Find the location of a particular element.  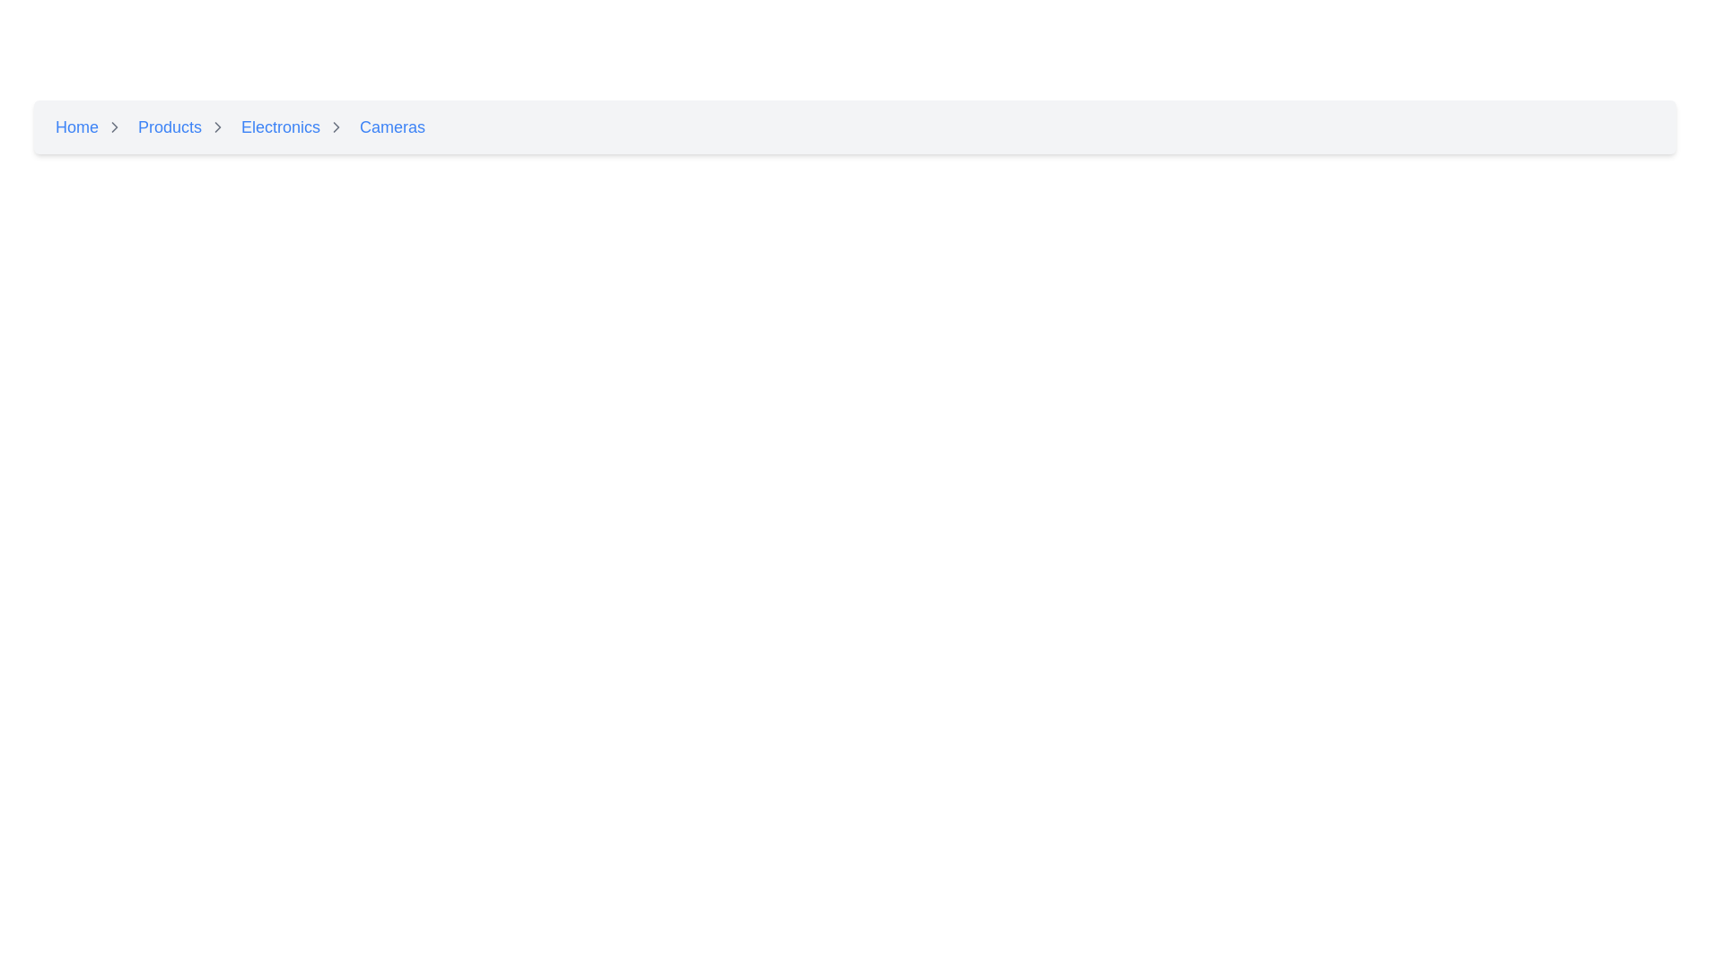

the small right-facing chevron arrow in the breadcrumb navigation bar located between 'Home' and 'Products' is located at coordinates (114, 127).